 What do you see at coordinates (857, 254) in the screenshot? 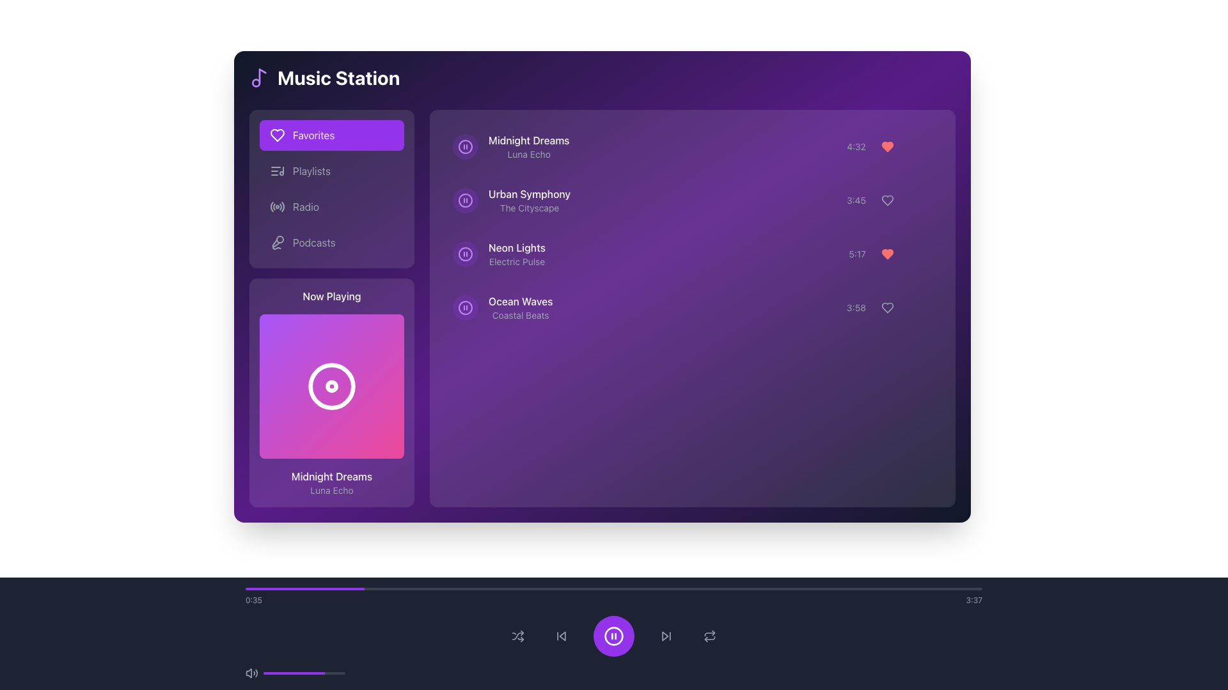
I see `the small, gray text label reading '5:17', which indicates a time duration and is located in the third row of a vertical list on the right side of the interface` at bounding box center [857, 254].